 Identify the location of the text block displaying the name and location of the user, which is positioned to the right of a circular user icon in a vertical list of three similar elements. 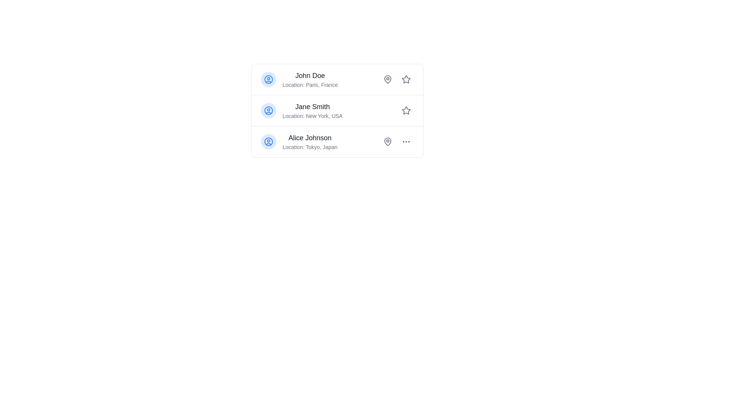
(310, 80).